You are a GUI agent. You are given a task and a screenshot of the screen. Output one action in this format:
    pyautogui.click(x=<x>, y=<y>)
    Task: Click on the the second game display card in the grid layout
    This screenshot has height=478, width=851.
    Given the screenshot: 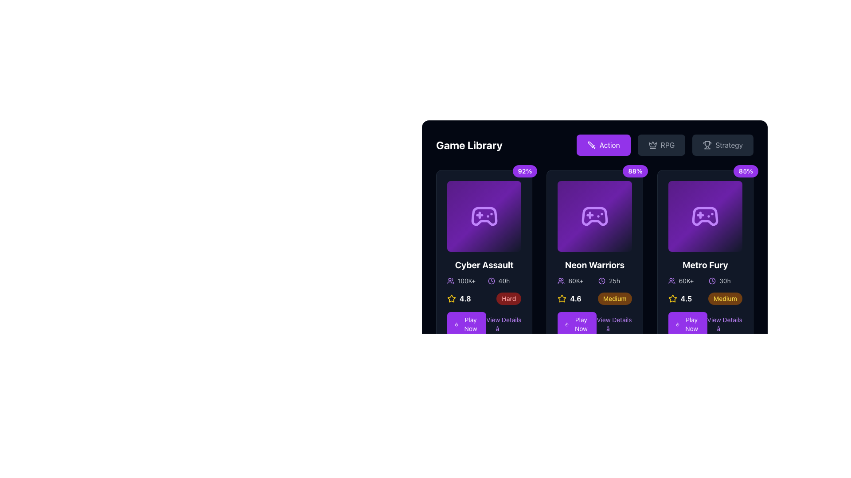 What is the action you would take?
    pyautogui.click(x=595, y=259)
    